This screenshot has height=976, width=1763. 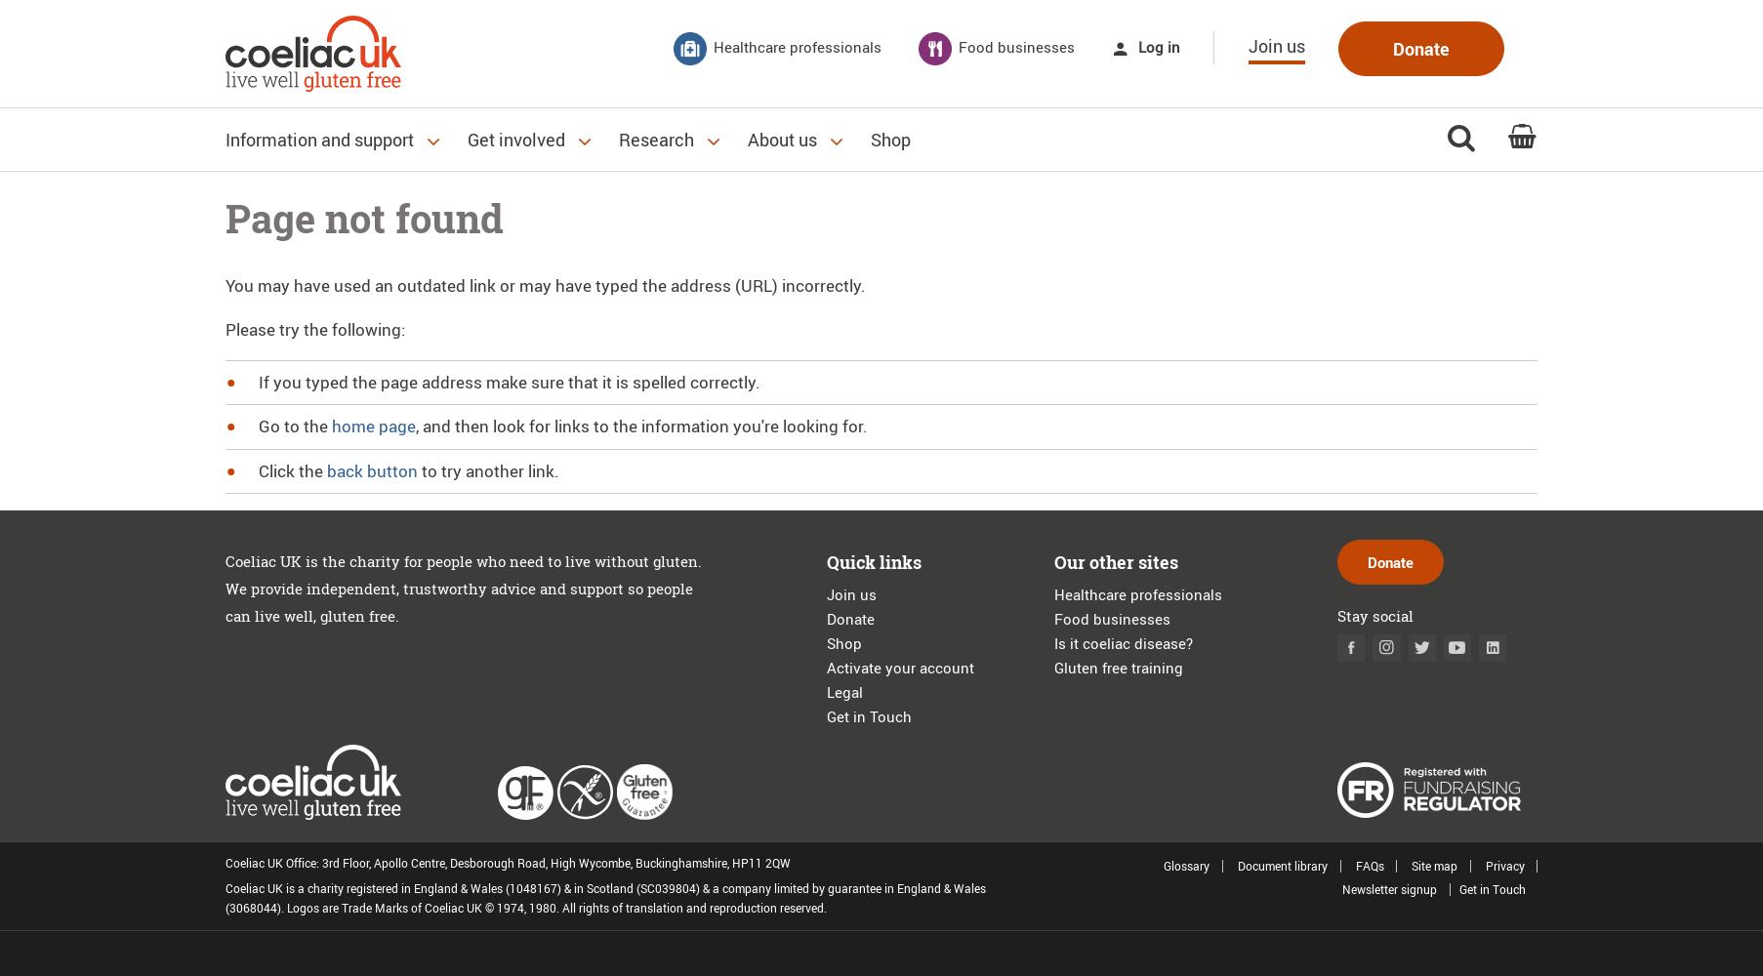 What do you see at coordinates (413, 426) in the screenshot?
I see `', and then look for links to the information you're looking for.'` at bounding box center [413, 426].